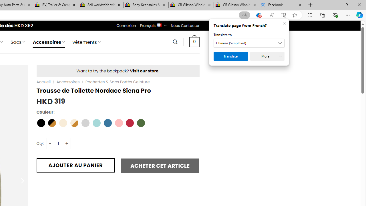 The width and height of the screenshot is (366, 206). Describe the element at coordinates (146, 5) in the screenshot. I see `'Baby Keepsakes & Announcements for sale | eBay'` at that location.